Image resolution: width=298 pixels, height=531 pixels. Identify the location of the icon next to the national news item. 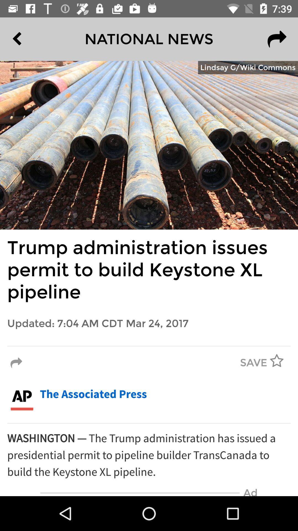
(30, 39).